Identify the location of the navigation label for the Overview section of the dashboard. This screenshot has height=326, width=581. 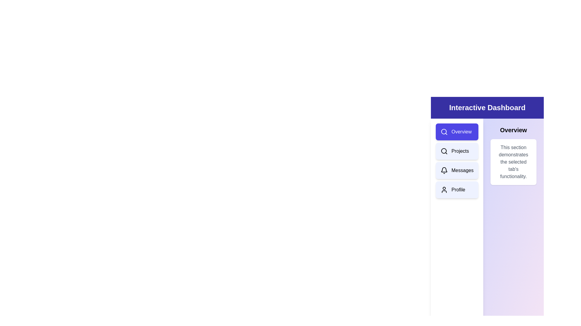
(461, 131).